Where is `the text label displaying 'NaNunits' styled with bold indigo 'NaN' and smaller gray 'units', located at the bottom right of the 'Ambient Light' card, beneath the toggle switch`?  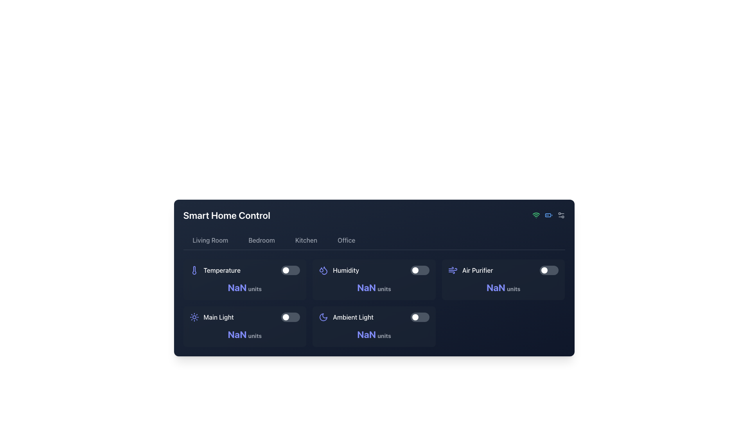
the text label displaying 'NaNunits' styled with bold indigo 'NaN' and smaller gray 'units', located at the bottom right of the 'Ambient Light' card, beneath the toggle switch is located at coordinates (374, 334).